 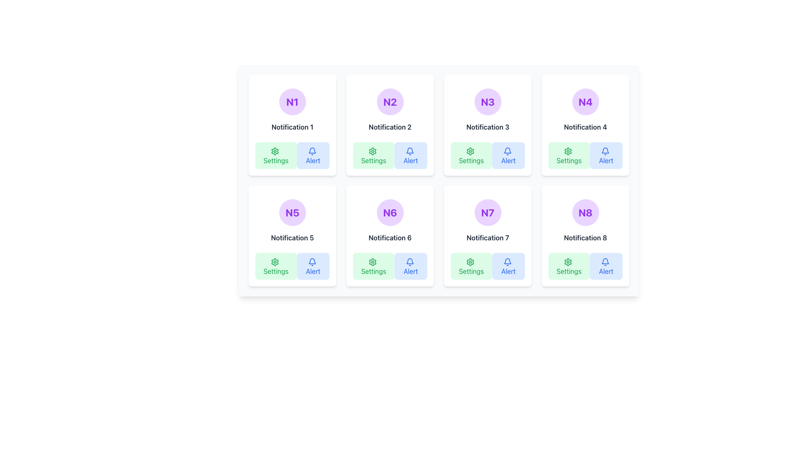 I want to click on the green gear-shaped icon in the bottom-left corner of 'Notification 6', which symbolizes settings, so click(x=372, y=261).